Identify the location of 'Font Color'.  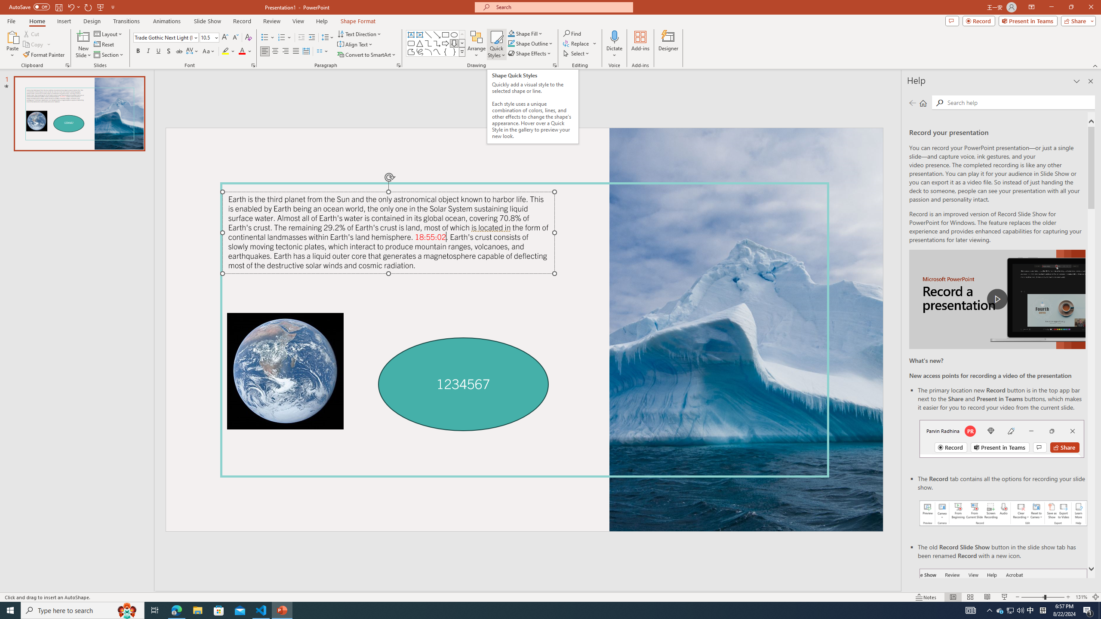
(245, 51).